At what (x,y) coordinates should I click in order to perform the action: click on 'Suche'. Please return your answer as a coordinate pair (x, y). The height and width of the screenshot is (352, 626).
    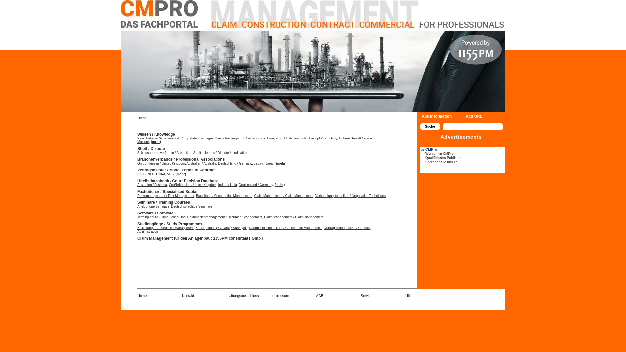
    Looking at the image, I should click on (420, 126).